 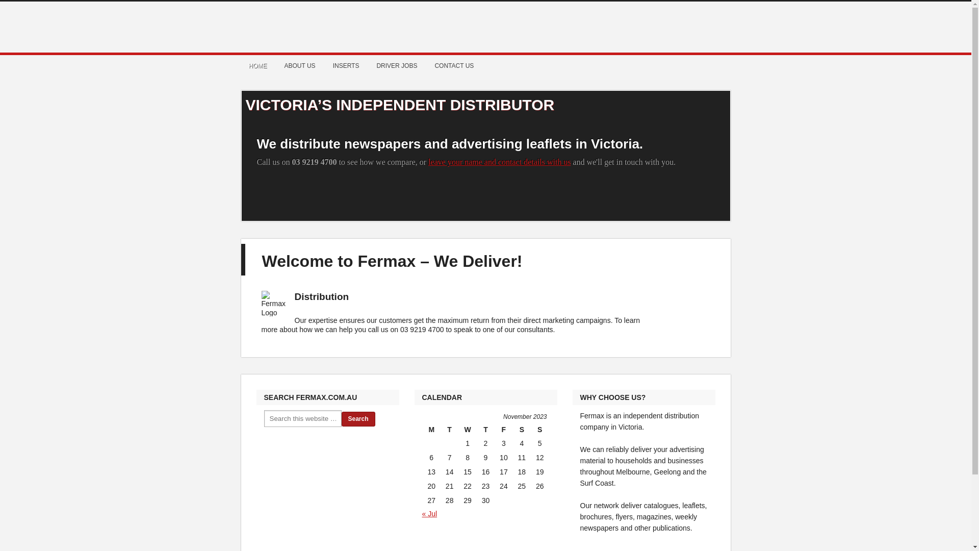 I want to click on 'leave your name and contact details with us', so click(x=428, y=161).